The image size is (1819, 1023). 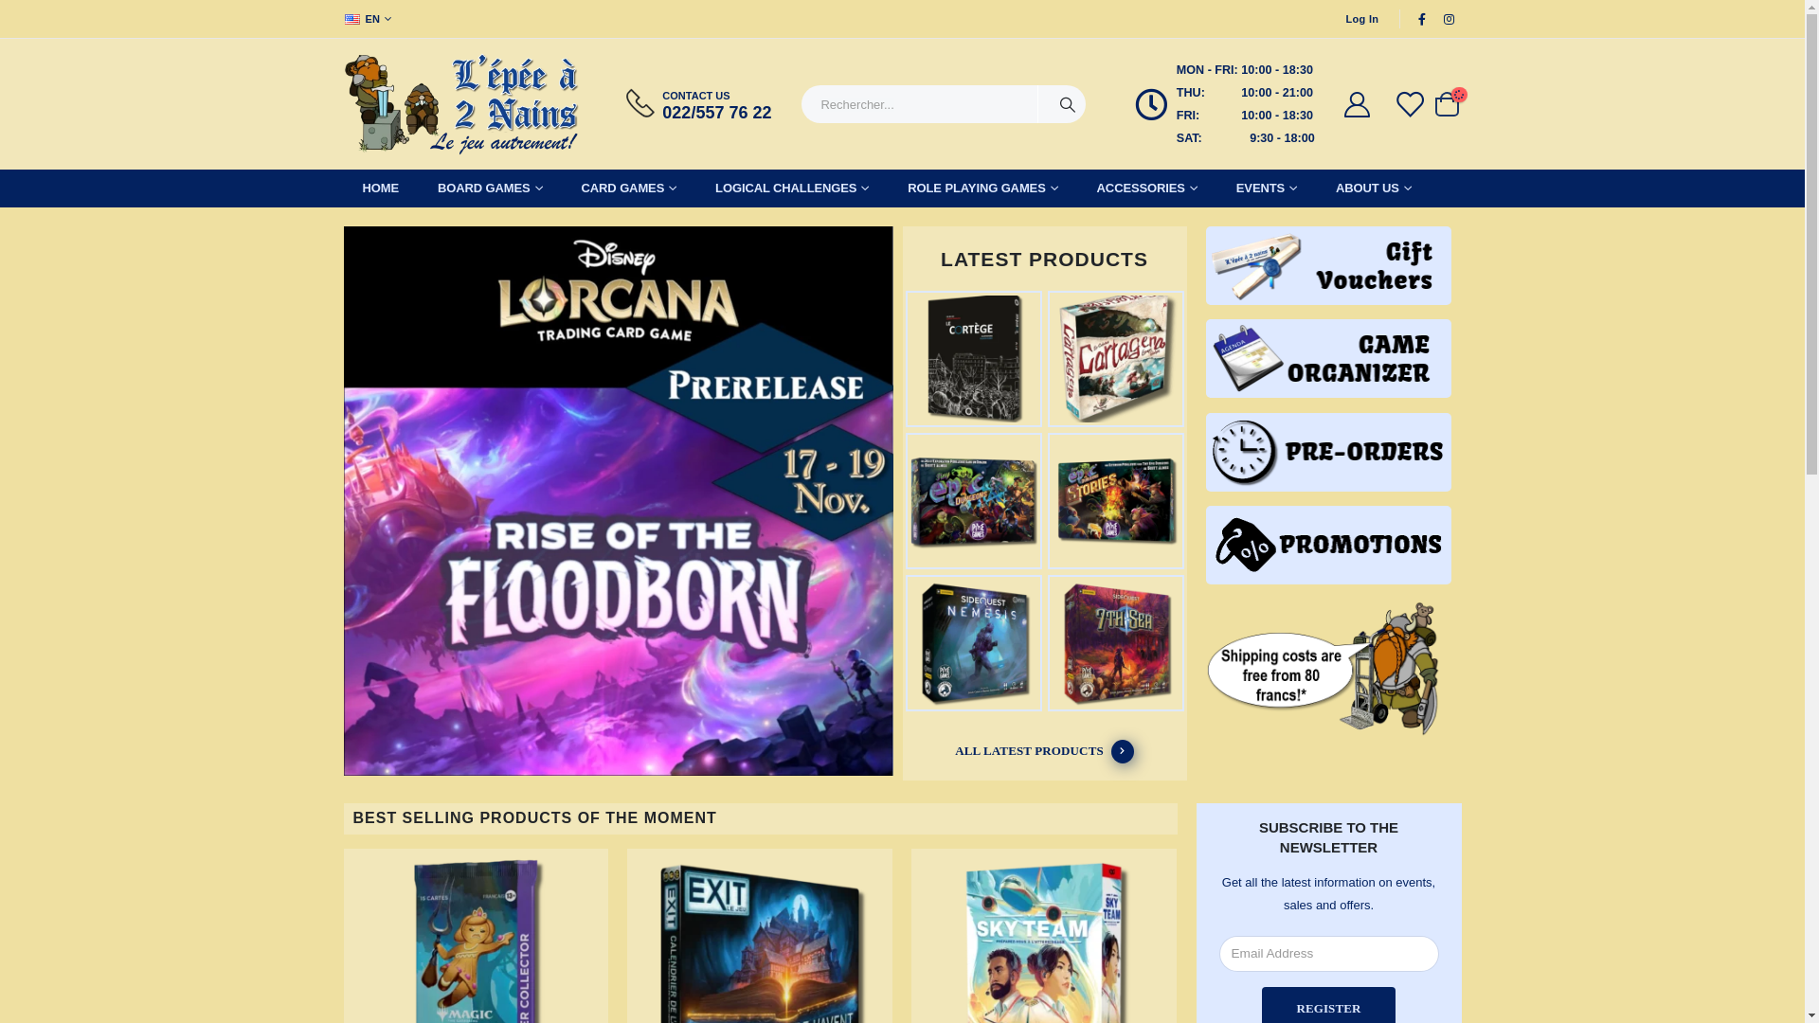 I want to click on 'ROLE PLAYING GAMES', so click(x=887, y=188).